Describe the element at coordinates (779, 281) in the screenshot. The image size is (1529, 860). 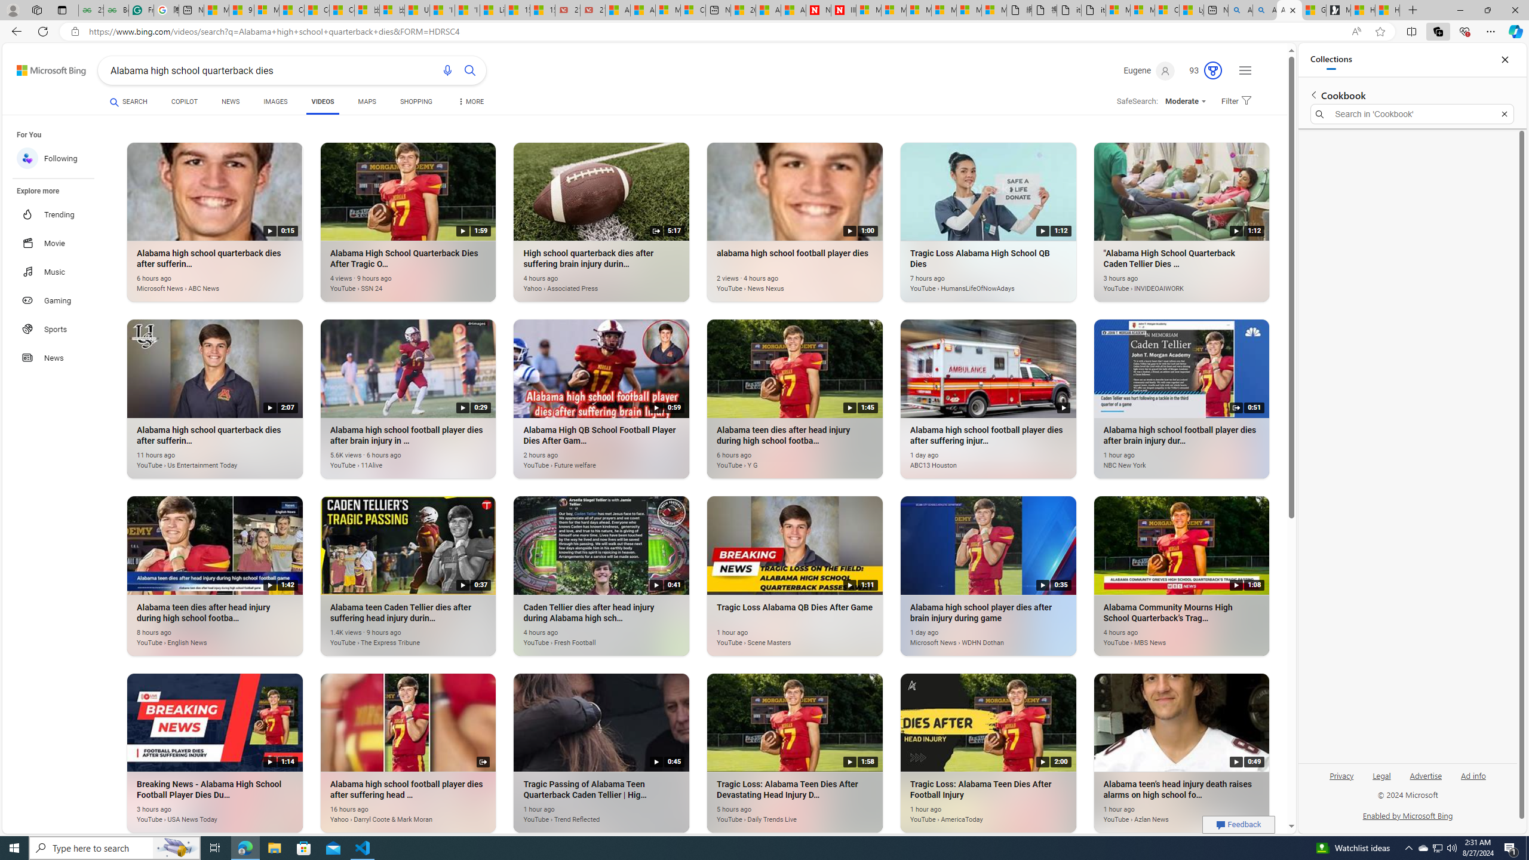
I see `'alabama high school football player dies'` at that location.